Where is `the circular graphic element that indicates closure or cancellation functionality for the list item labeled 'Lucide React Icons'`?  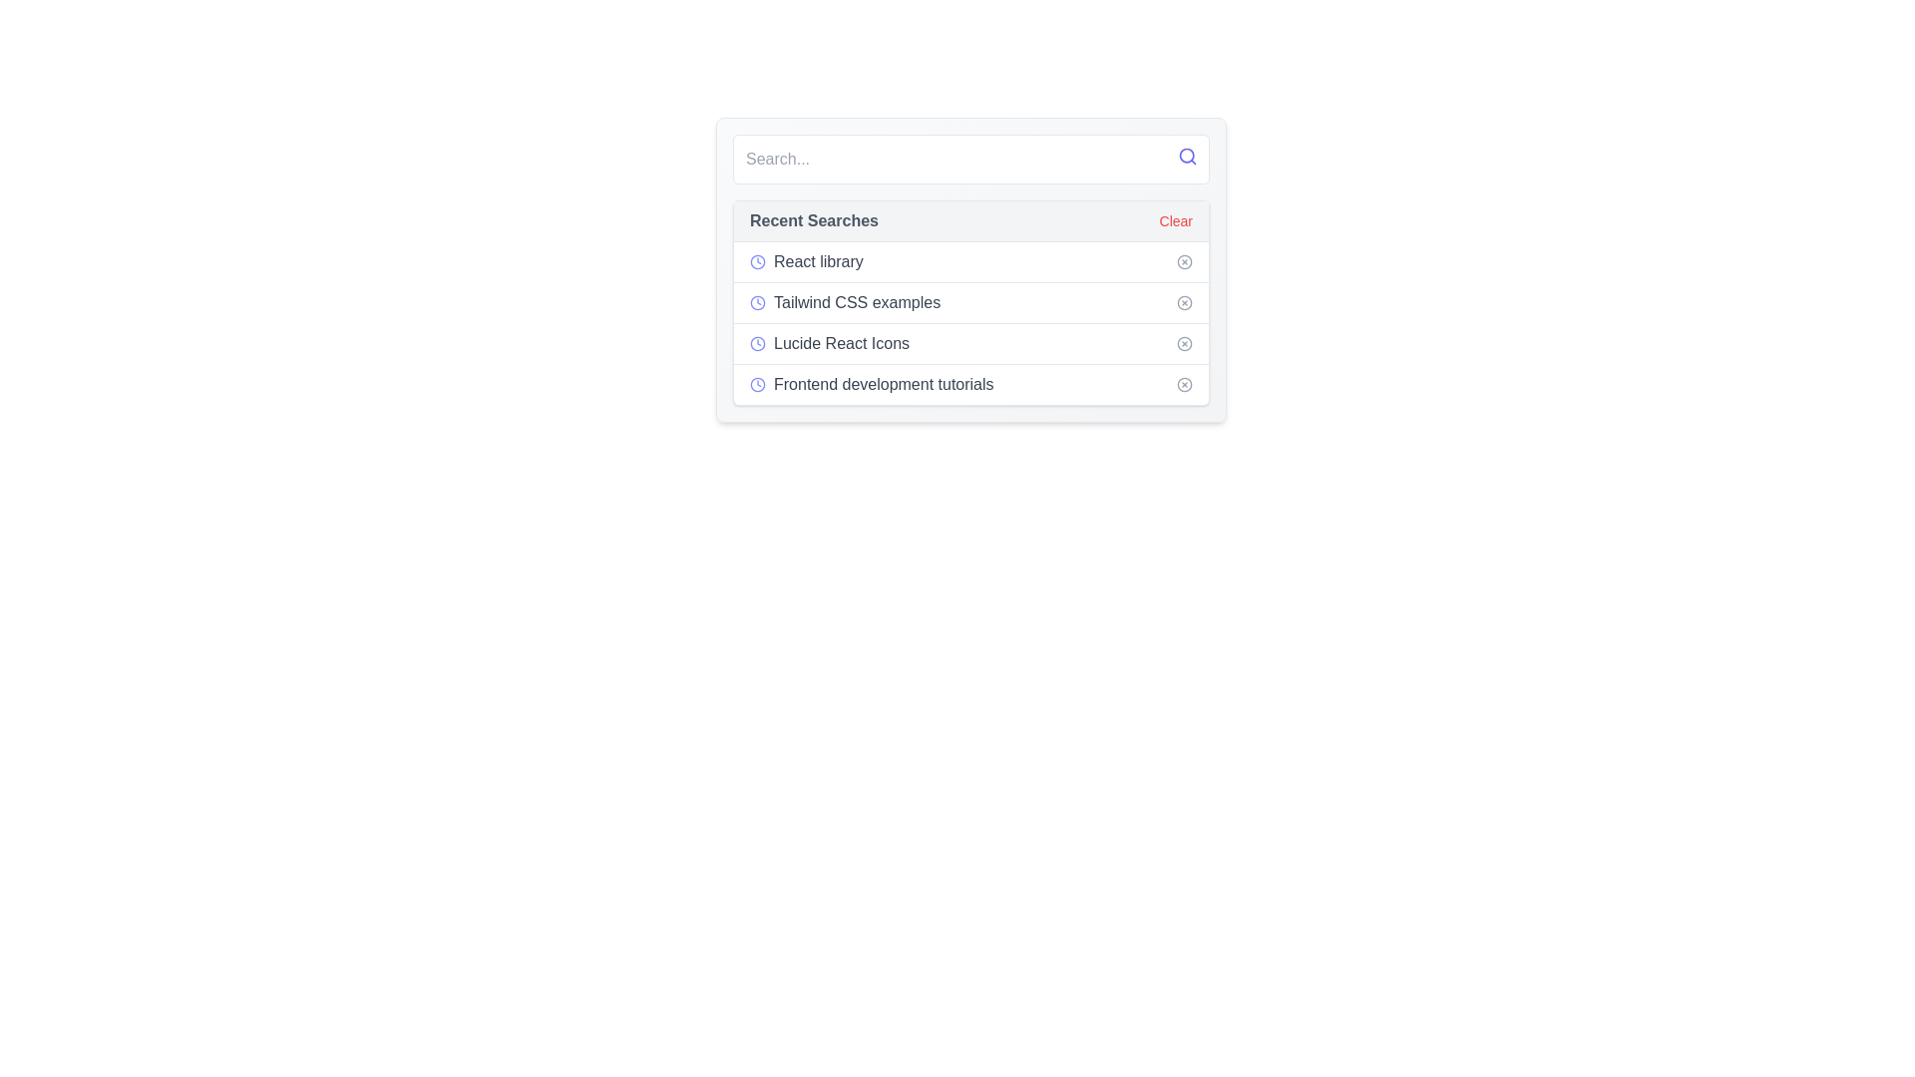
the circular graphic element that indicates closure or cancellation functionality for the list item labeled 'Lucide React Icons' is located at coordinates (1185, 342).